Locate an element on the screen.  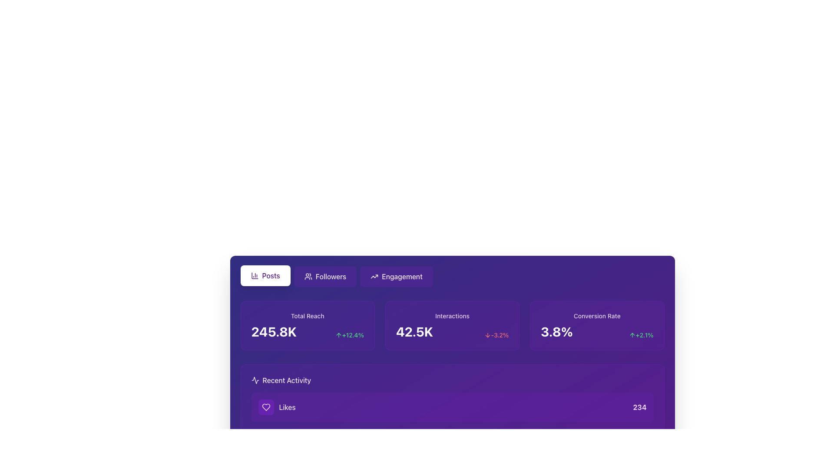
the 'Followers' button located in the top section of the purple background interface for keyboard navigation is located at coordinates (324, 276).